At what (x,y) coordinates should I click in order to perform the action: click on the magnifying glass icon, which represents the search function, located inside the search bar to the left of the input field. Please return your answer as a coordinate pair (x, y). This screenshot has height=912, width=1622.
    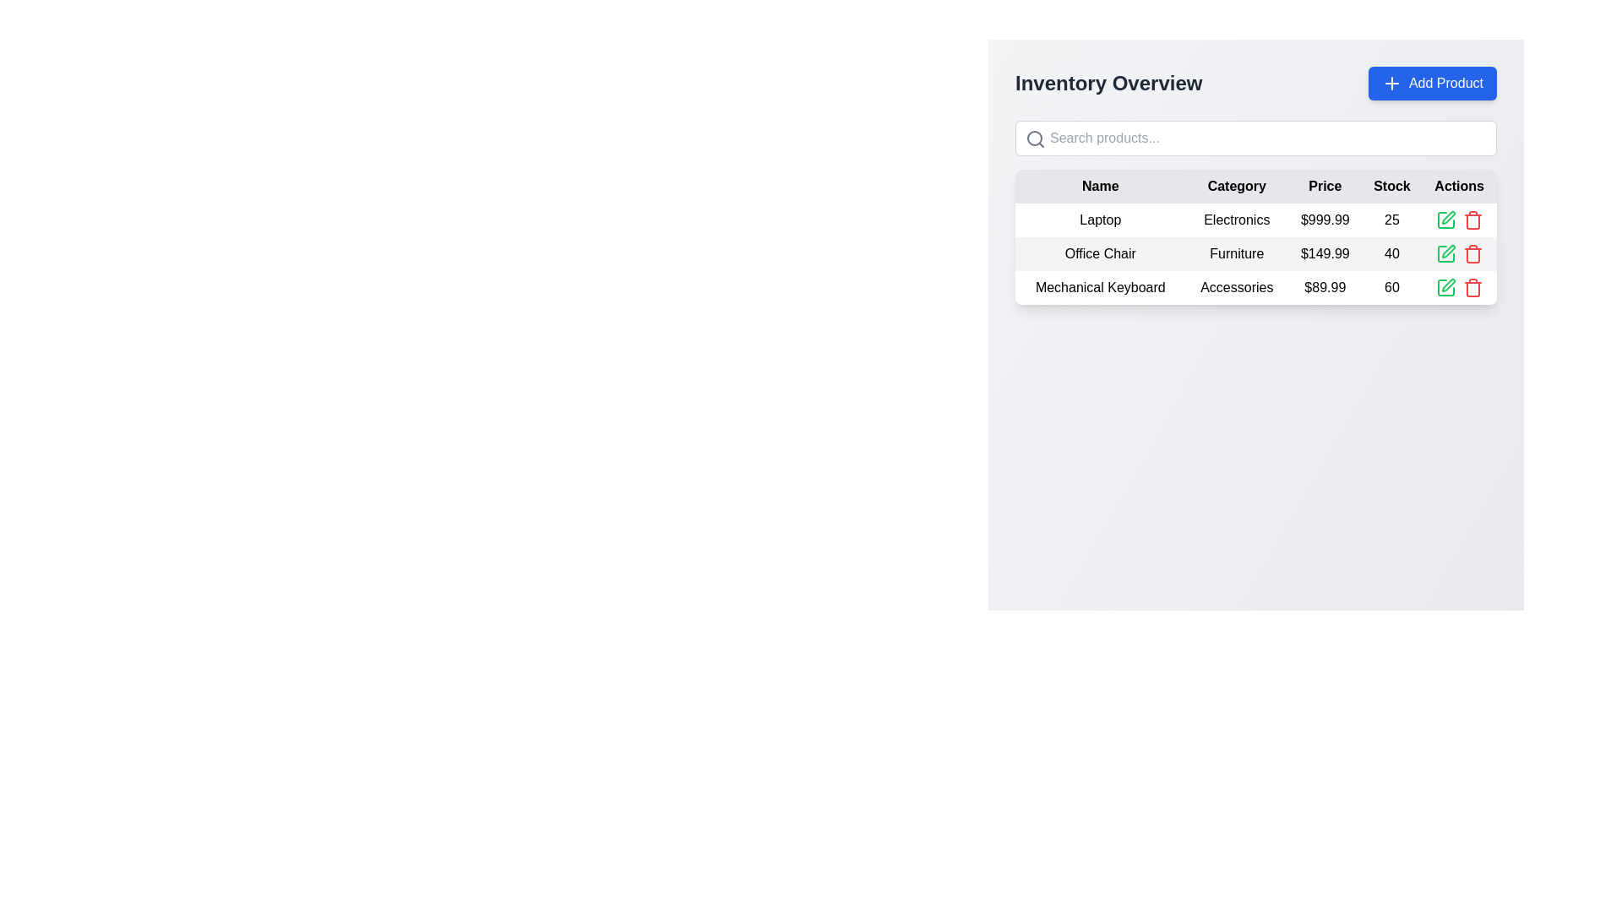
    Looking at the image, I should click on (1034, 138).